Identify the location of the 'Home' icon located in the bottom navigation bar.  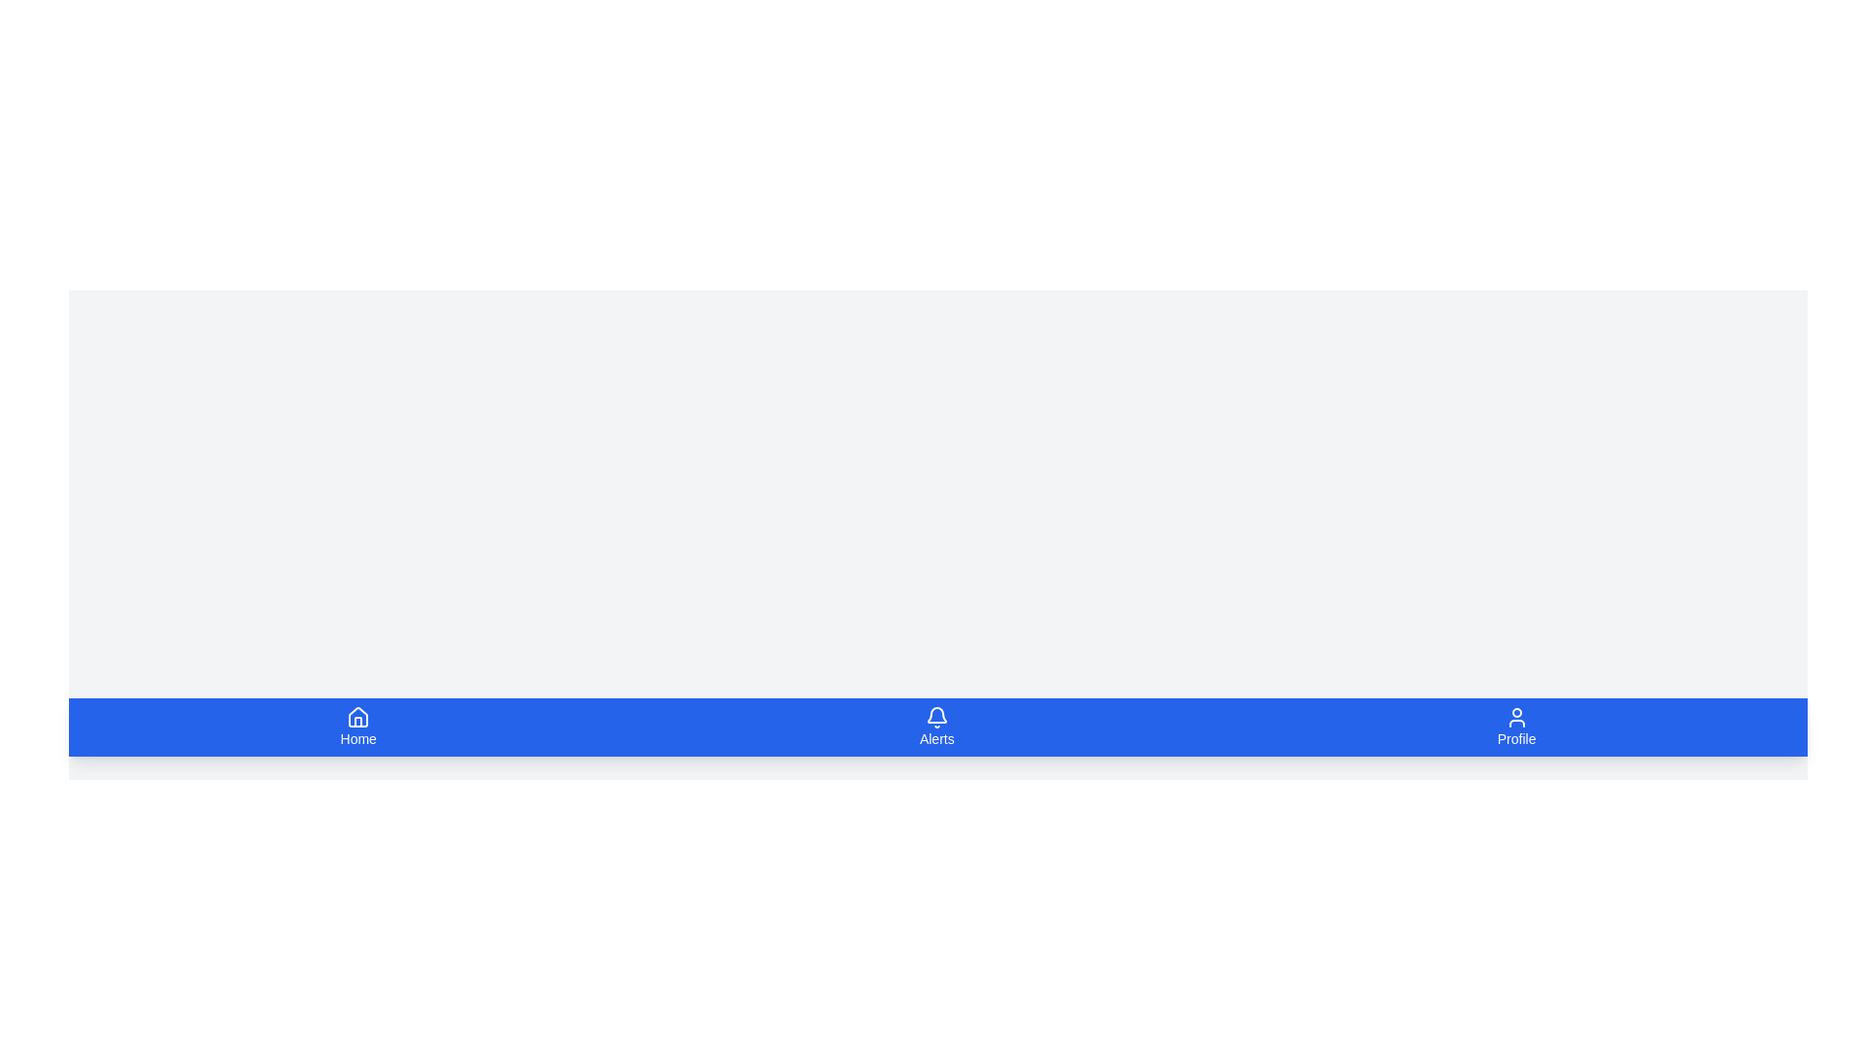
(358, 718).